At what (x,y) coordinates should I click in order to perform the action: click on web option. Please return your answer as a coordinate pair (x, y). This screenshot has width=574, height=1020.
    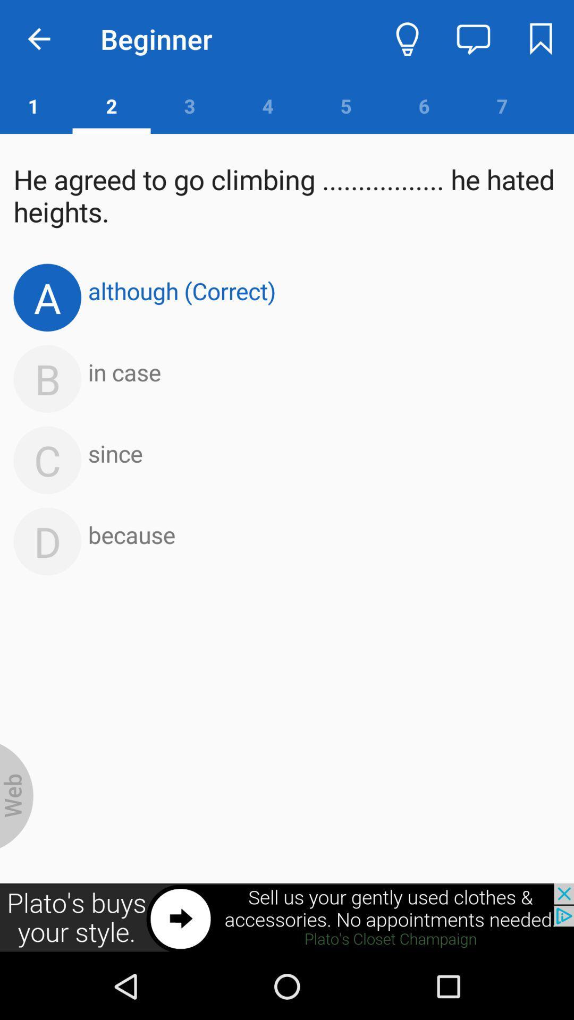
    Looking at the image, I should click on (16, 796).